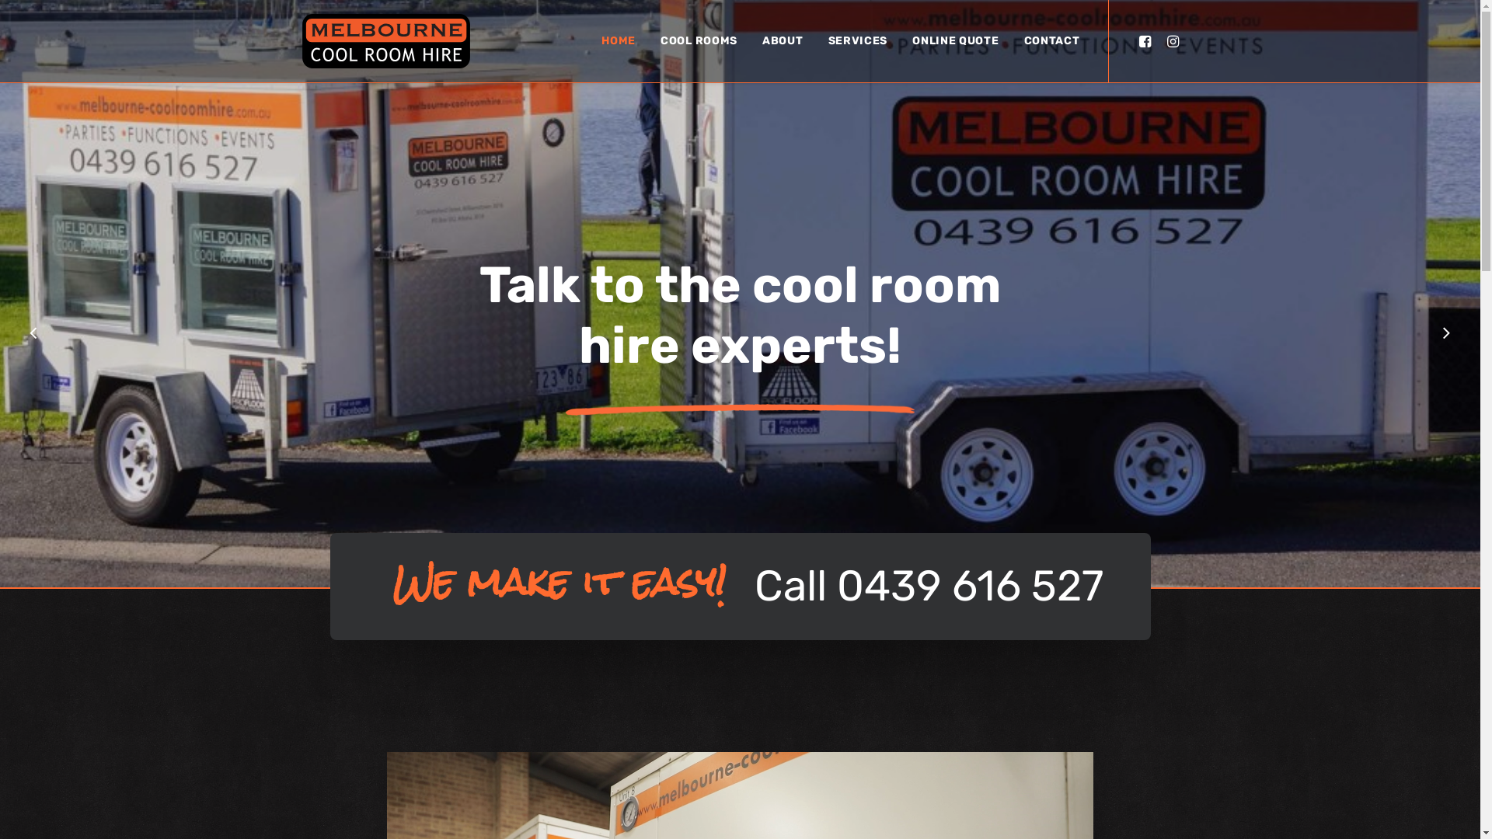 Image resolution: width=1492 pixels, height=839 pixels. What do you see at coordinates (954, 40) in the screenshot?
I see `'ONLINE QUOTE'` at bounding box center [954, 40].